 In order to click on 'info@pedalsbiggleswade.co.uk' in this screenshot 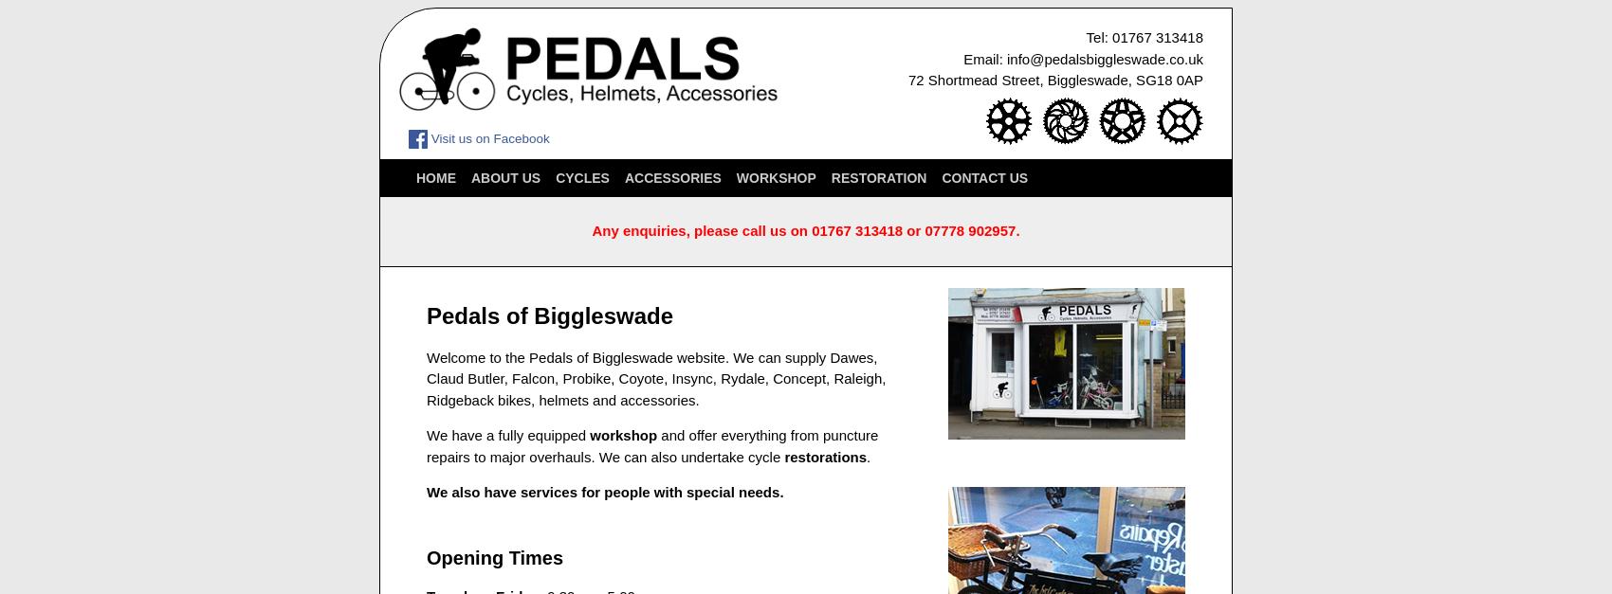, I will do `click(1105, 57)`.